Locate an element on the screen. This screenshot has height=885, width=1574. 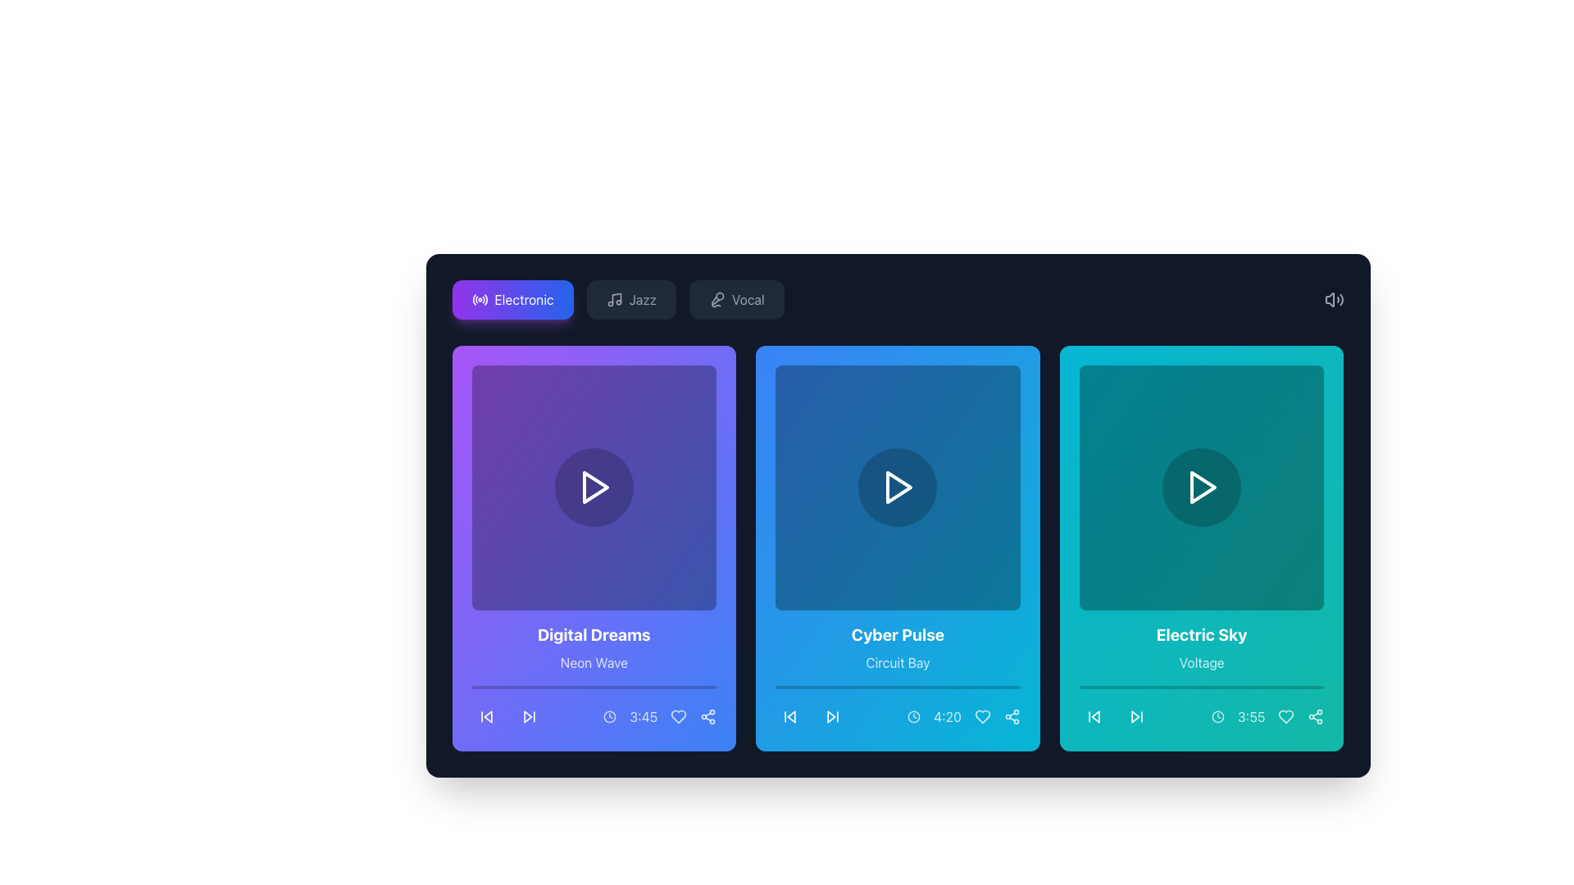
the circular button with a dark, semi-transparent background and a white play symbol in the center, located within the first card of a horizontal sequence is located at coordinates (593, 487).